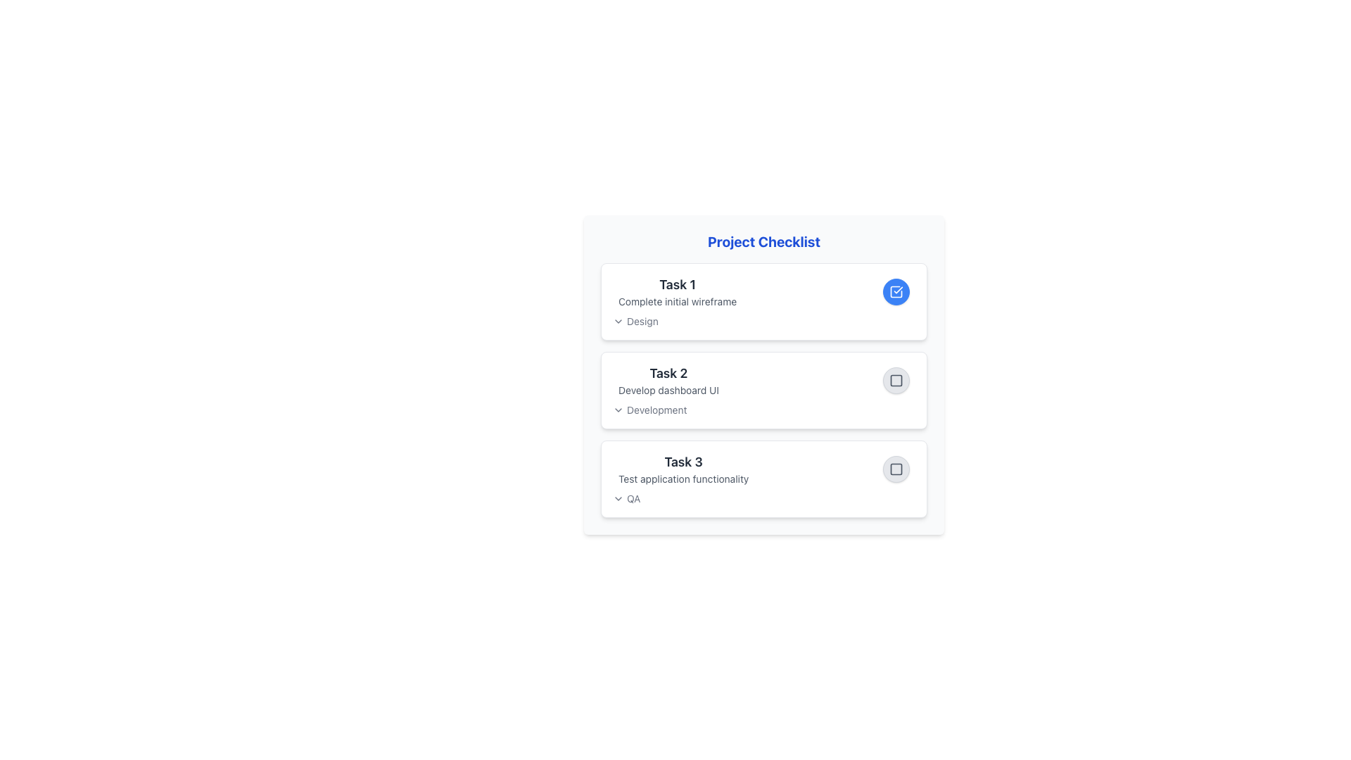 The width and height of the screenshot is (1351, 760). What do you see at coordinates (895, 380) in the screenshot?
I see `the circular gray button with a square icon, located to the right of the 'Task 2' entry labeled 'Develop dashboard UI'` at bounding box center [895, 380].